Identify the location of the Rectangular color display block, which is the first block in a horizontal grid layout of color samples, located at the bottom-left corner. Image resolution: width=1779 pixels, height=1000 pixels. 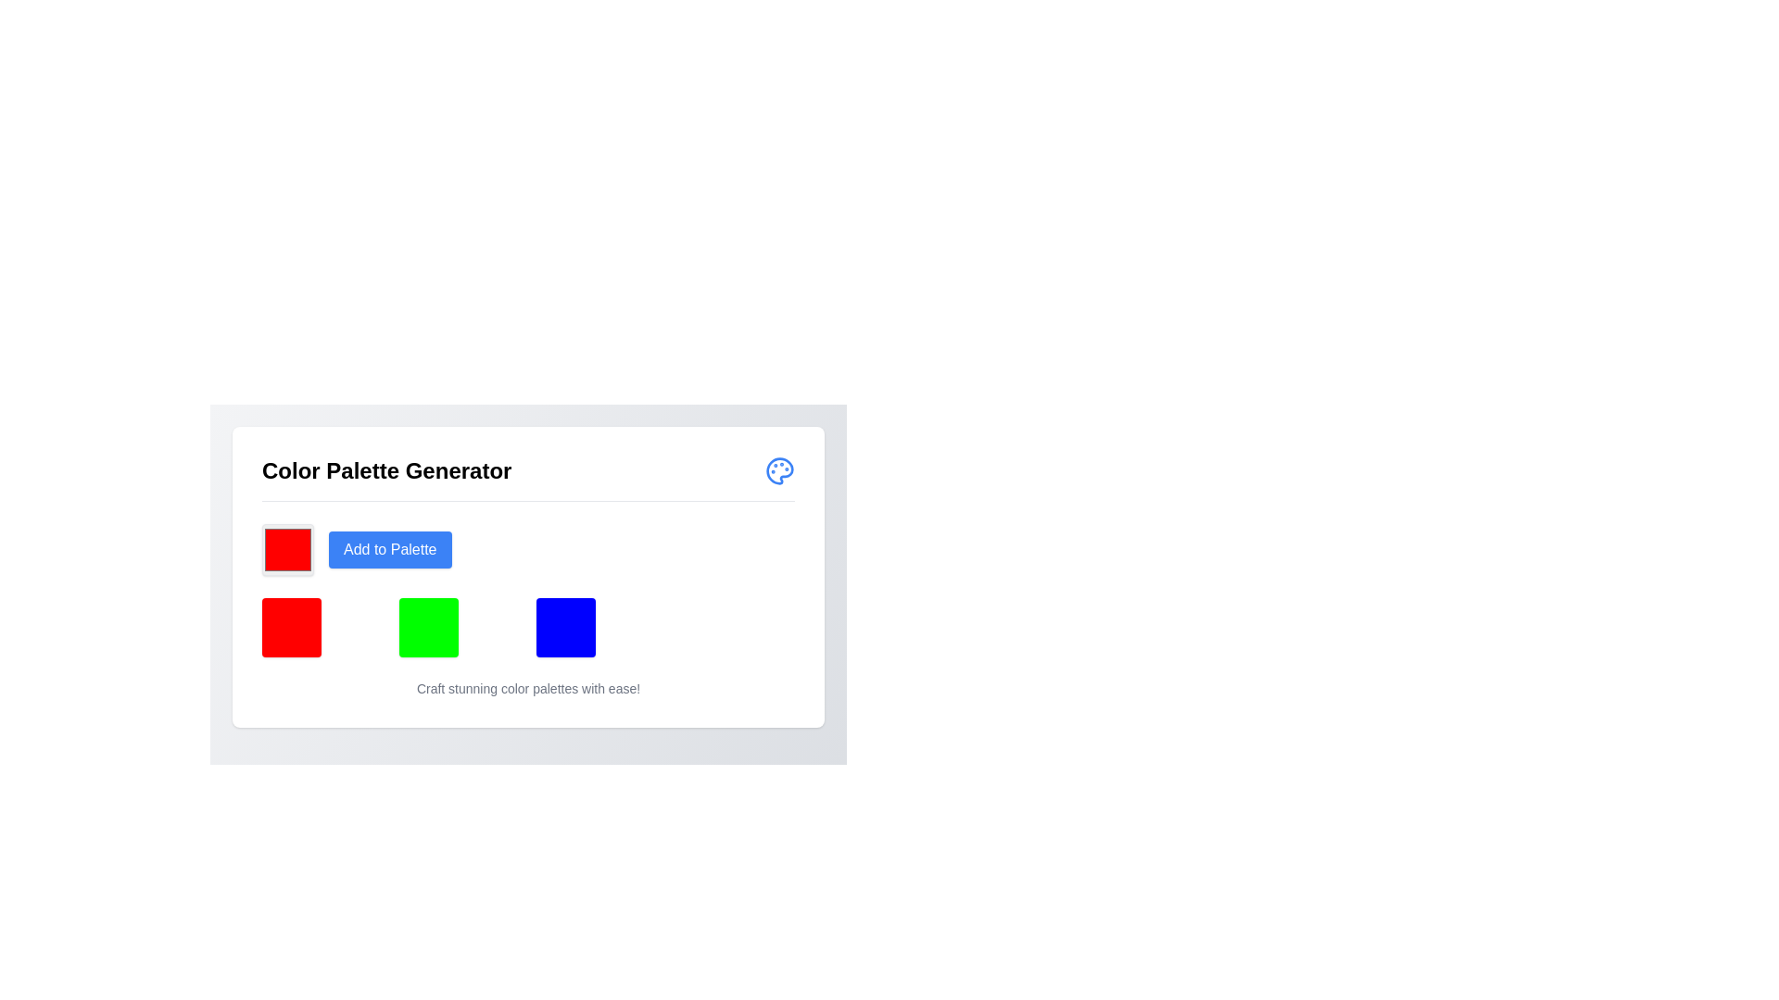
(291, 627).